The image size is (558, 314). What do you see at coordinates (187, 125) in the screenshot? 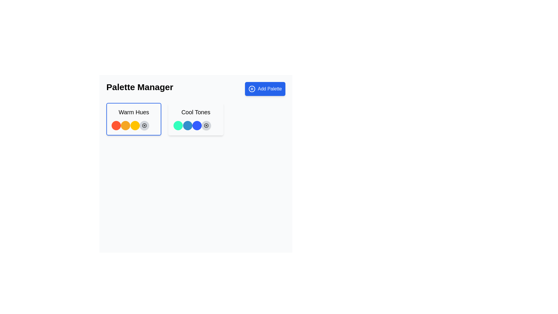
I see `the color of the second circular visual icon in the 'Cool Tones' palette section` at bounding box center [187, 125].